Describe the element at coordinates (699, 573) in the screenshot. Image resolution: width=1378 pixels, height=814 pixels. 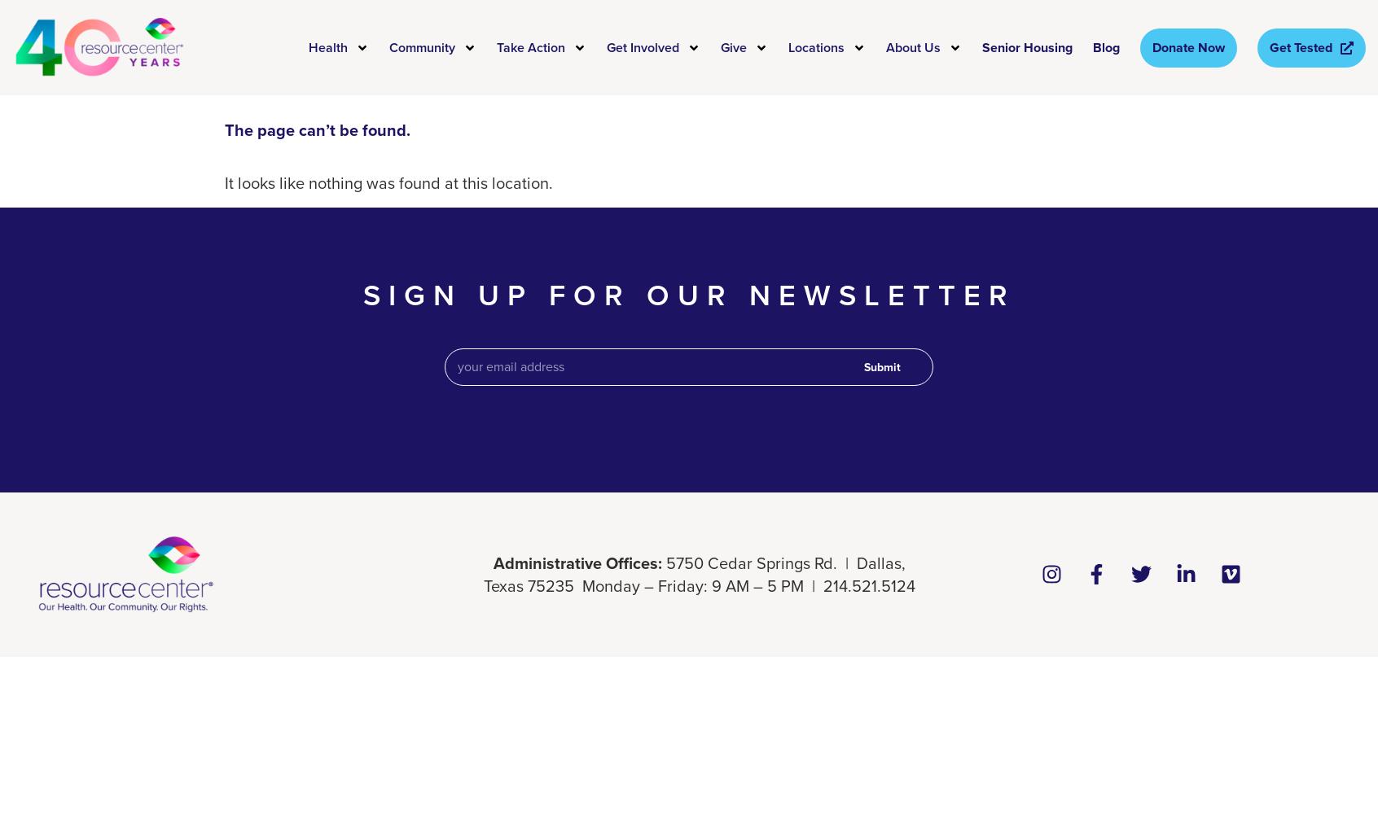
I see `'5750 Cedar Springs Rd.  |  Dallas, Texas 75235  Monday – Friday: 9 AM – 5 PM  |  214.521.5124'` at that location.